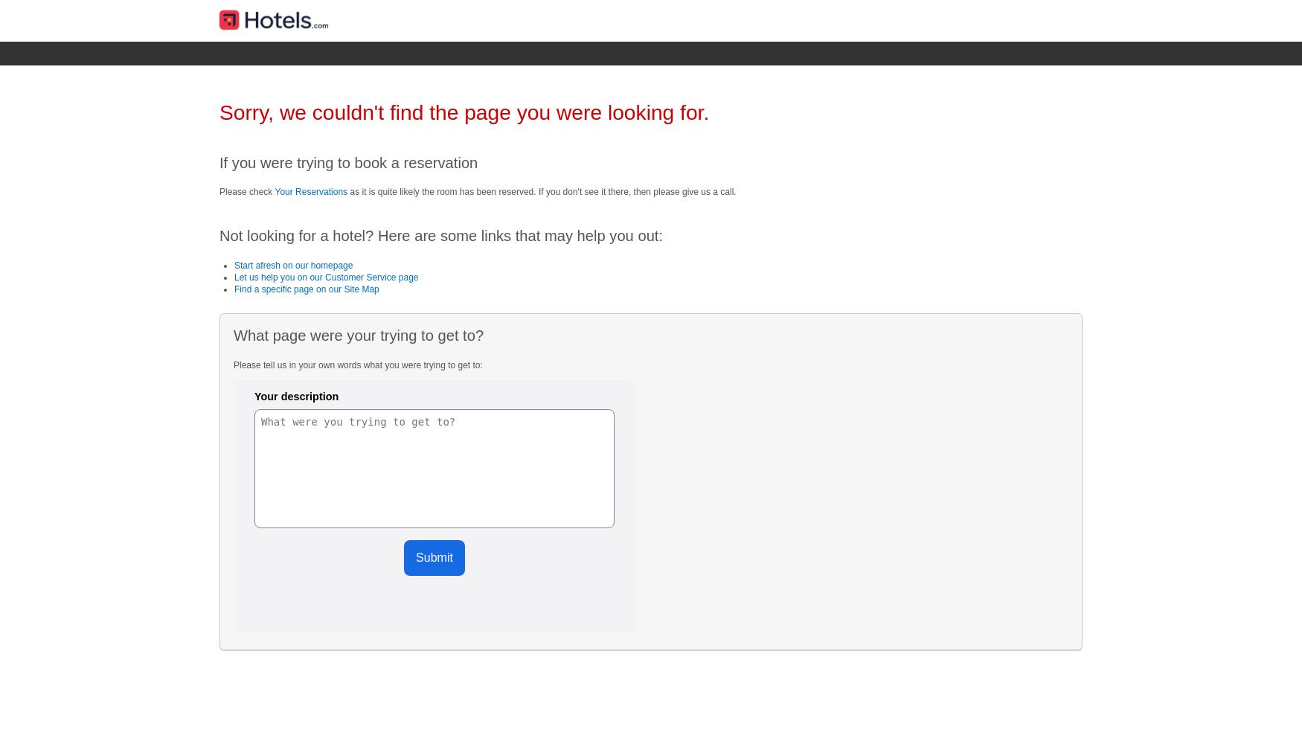 This screenshot has width=1302, height=744. What do you see at coordinates (232, 364) in the screenshot?
I see `'Please tell us in your own words what you were trying to get to:'` at bounding box center [232, 364].